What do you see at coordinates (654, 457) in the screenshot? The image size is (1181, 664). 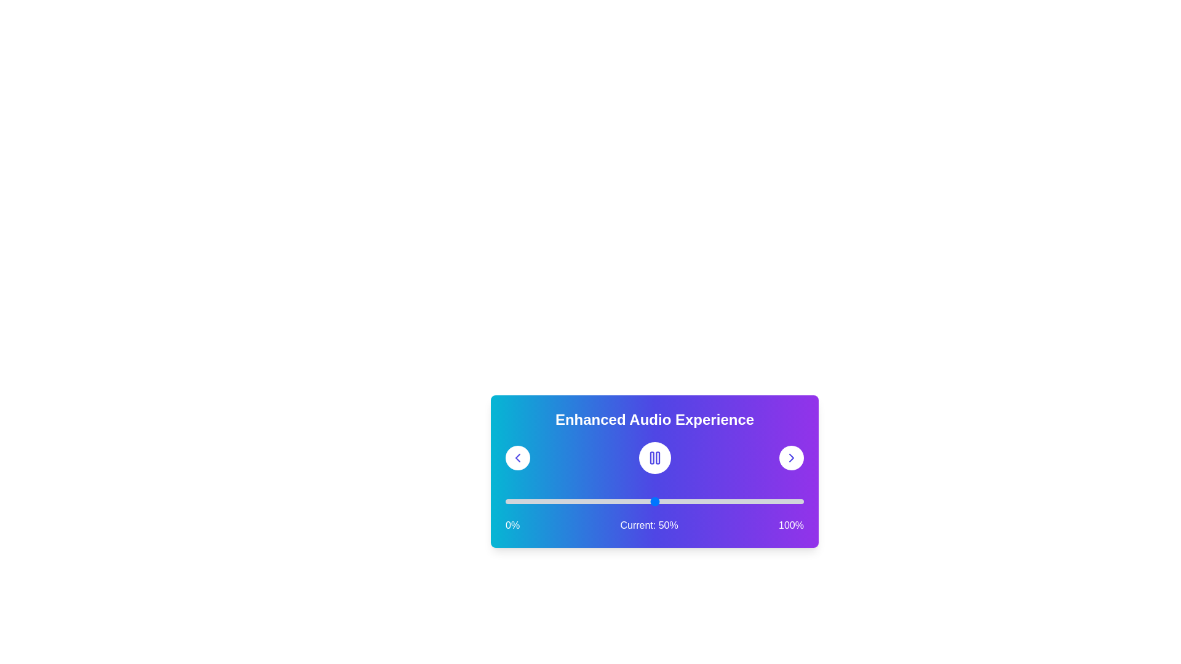 I see `the play/pause button to toggle playback` at bounding box center [654, 457].